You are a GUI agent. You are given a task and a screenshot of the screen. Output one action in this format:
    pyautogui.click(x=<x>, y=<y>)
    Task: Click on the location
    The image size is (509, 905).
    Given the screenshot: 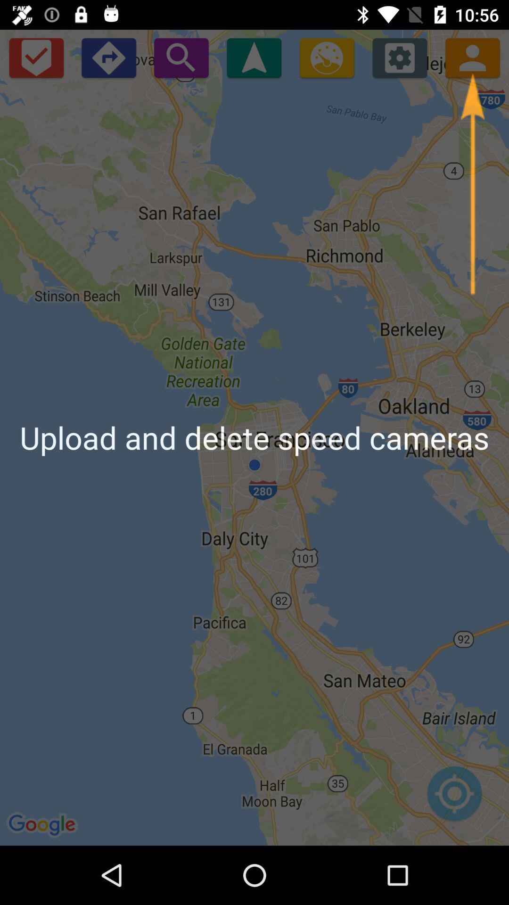 What is the action you would take?
    pyautogui.click(x=454, y=798)
    